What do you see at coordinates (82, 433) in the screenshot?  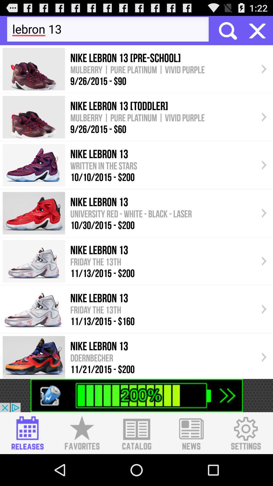 I see `favorites select option` at bounding box center [82, 433].